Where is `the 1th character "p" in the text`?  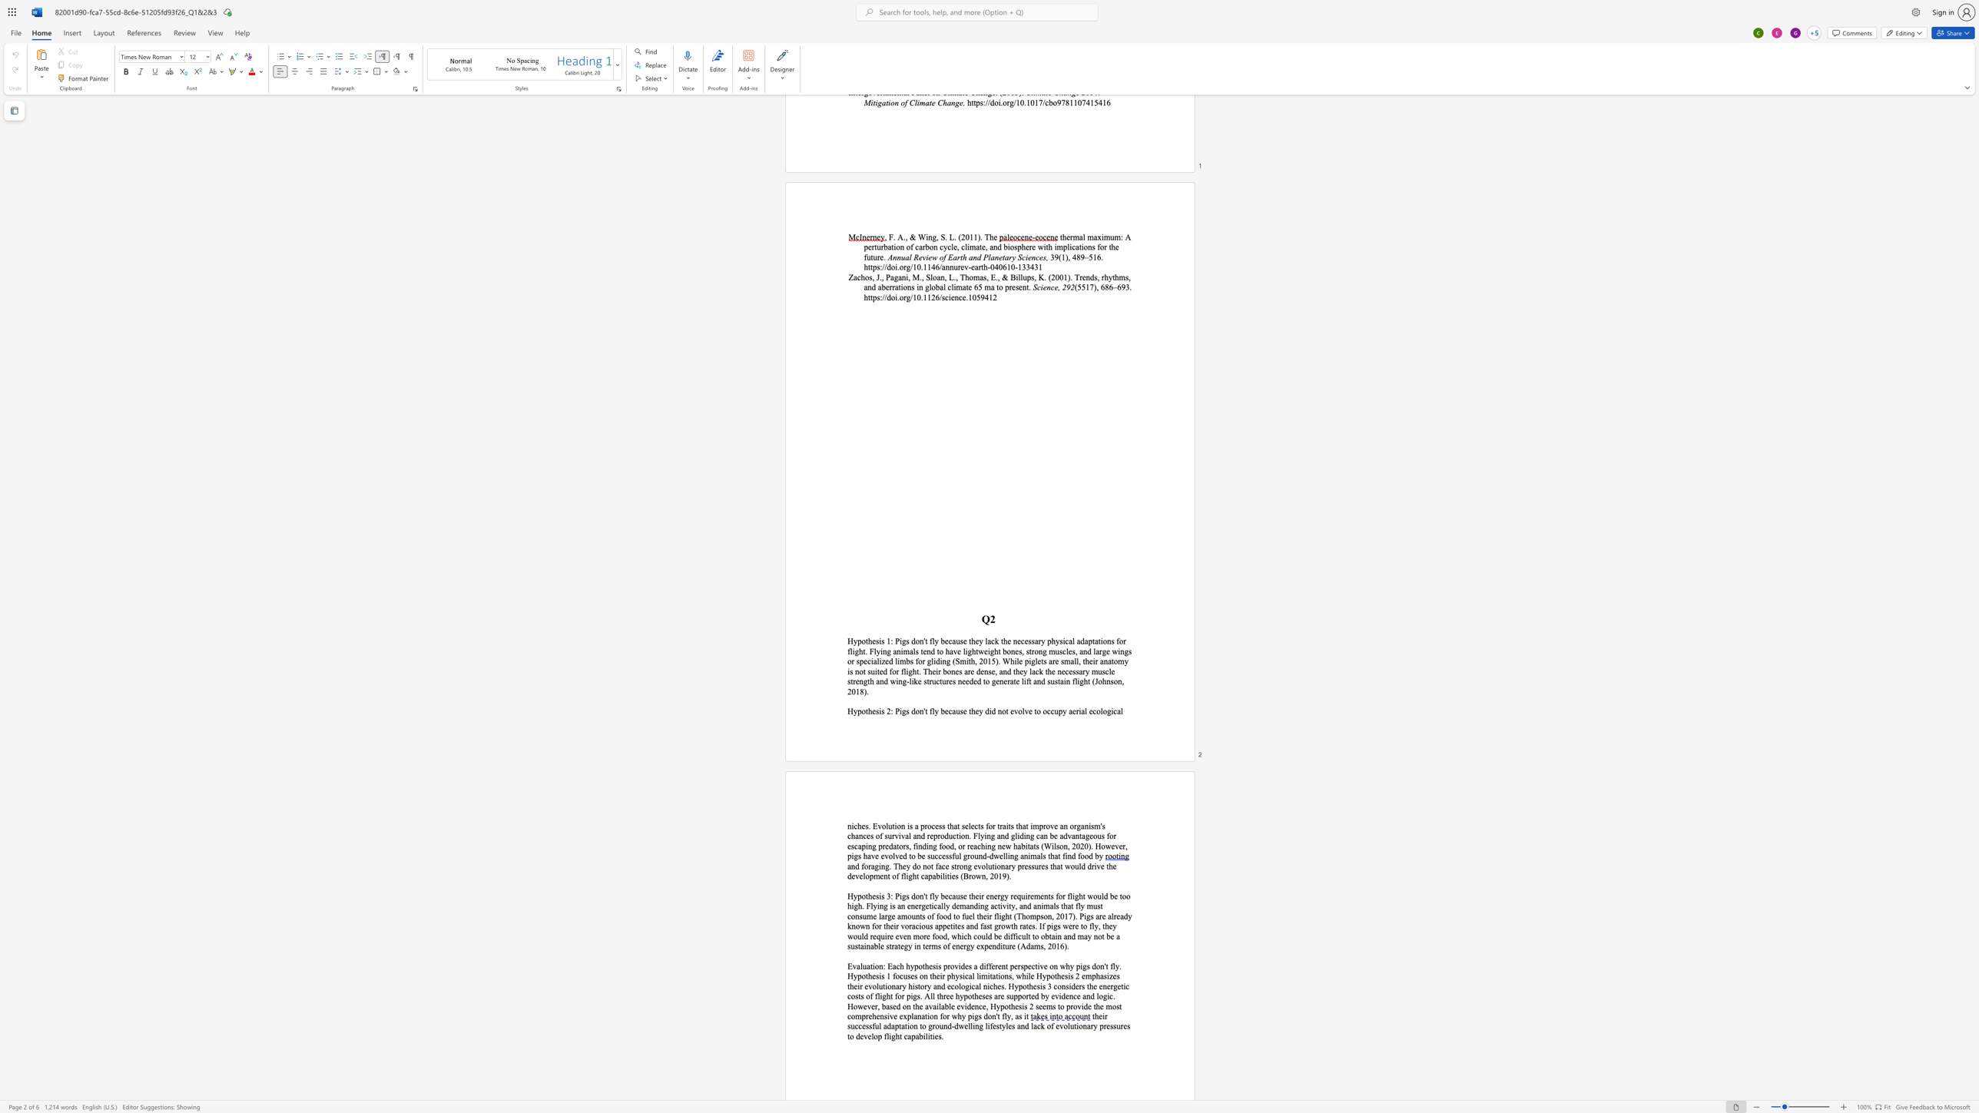 the 1th character "p" in the text is located at coordinates (1049, 641).